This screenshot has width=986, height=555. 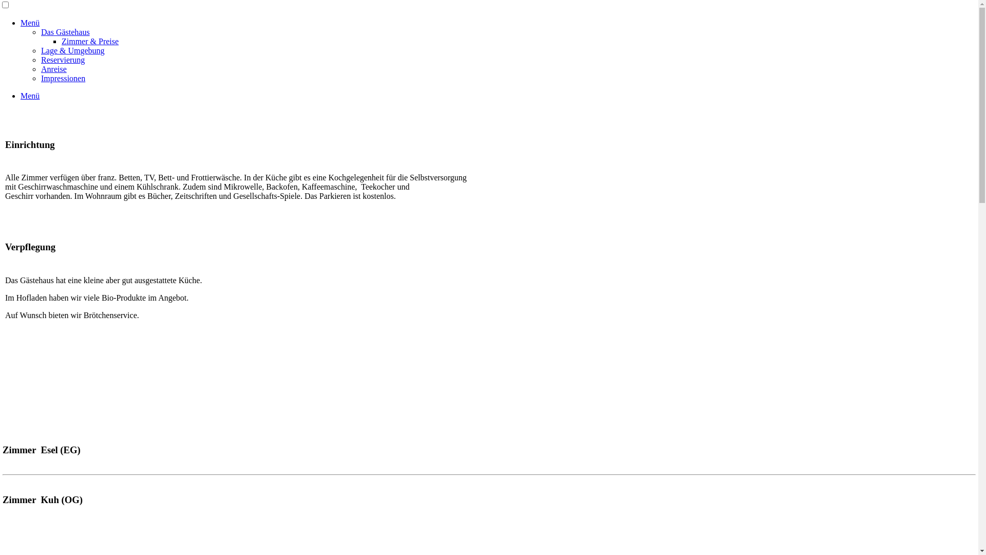 What do you see at coordinates (41, 50) in the screenshot?
I see `'Lage & Umgebung'` at bounding box center [41, 50].